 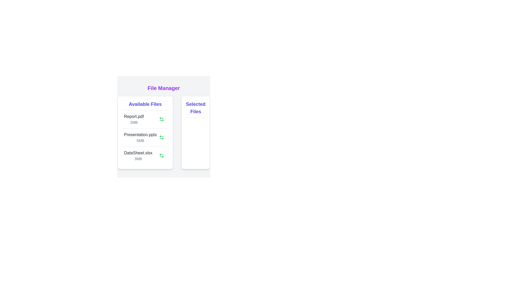 I want to click on the interactive icon located, so click(x=161, y=155).